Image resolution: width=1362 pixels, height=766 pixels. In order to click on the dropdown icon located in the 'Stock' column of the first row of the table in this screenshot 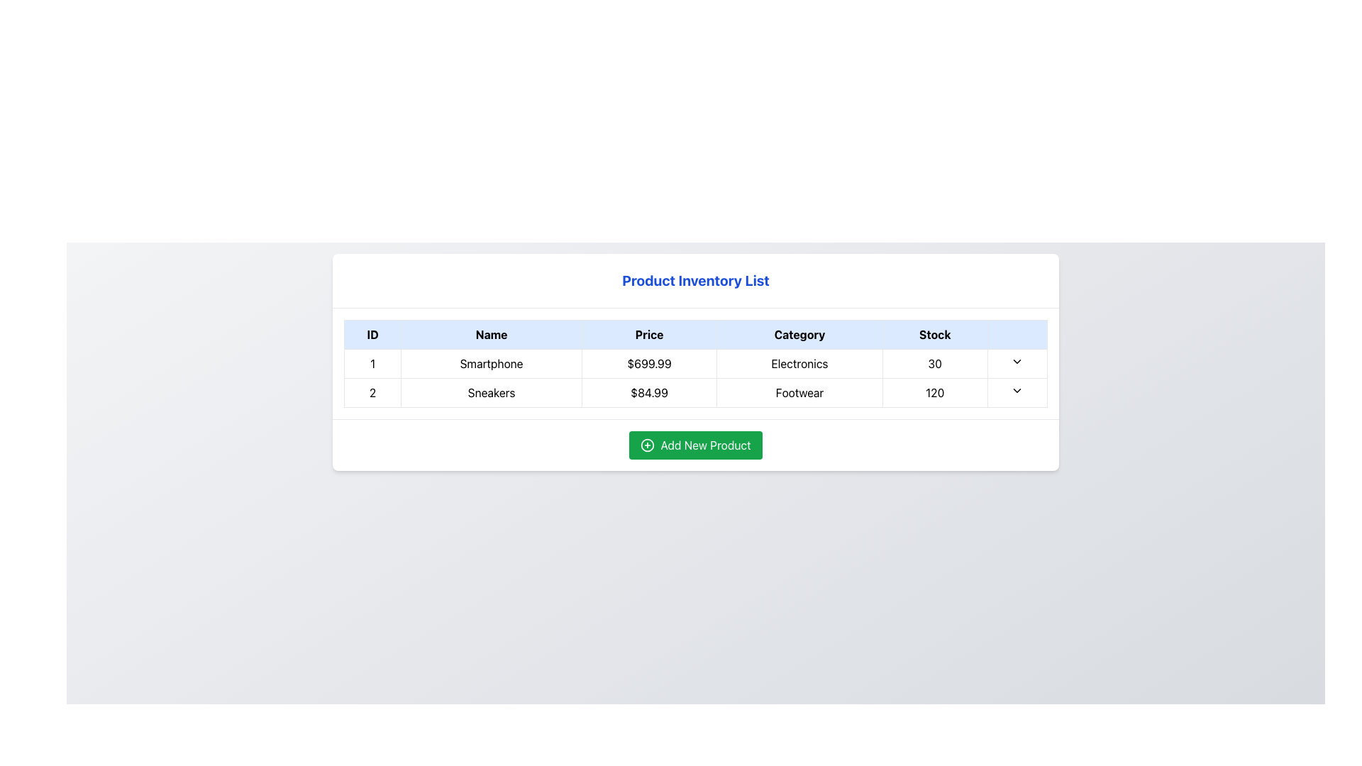, I will do `click(1017, 360)`.